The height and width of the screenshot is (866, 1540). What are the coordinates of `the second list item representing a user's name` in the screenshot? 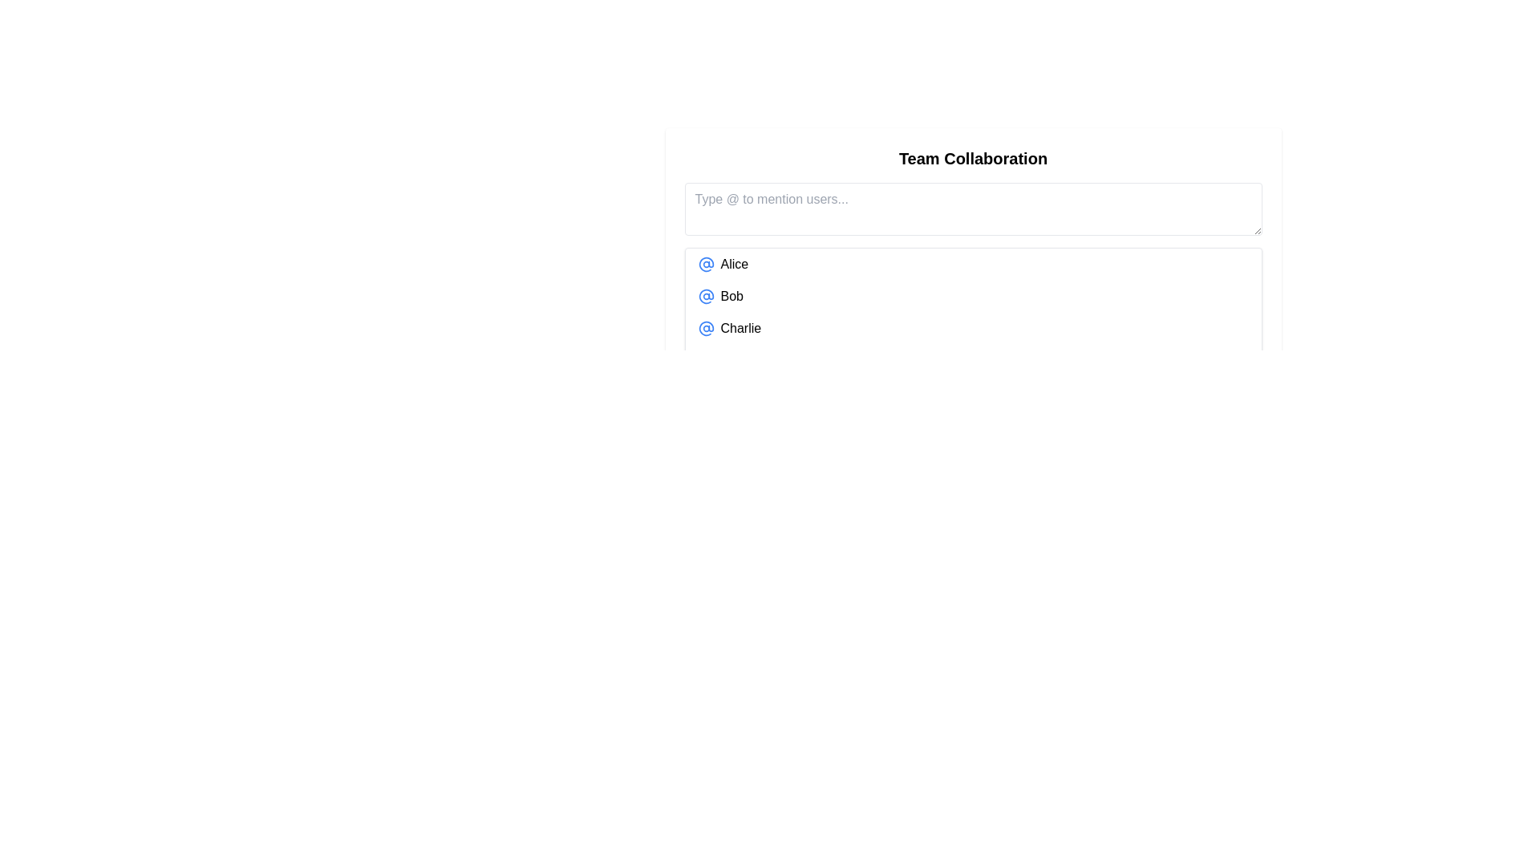 It's located at (972, 297).